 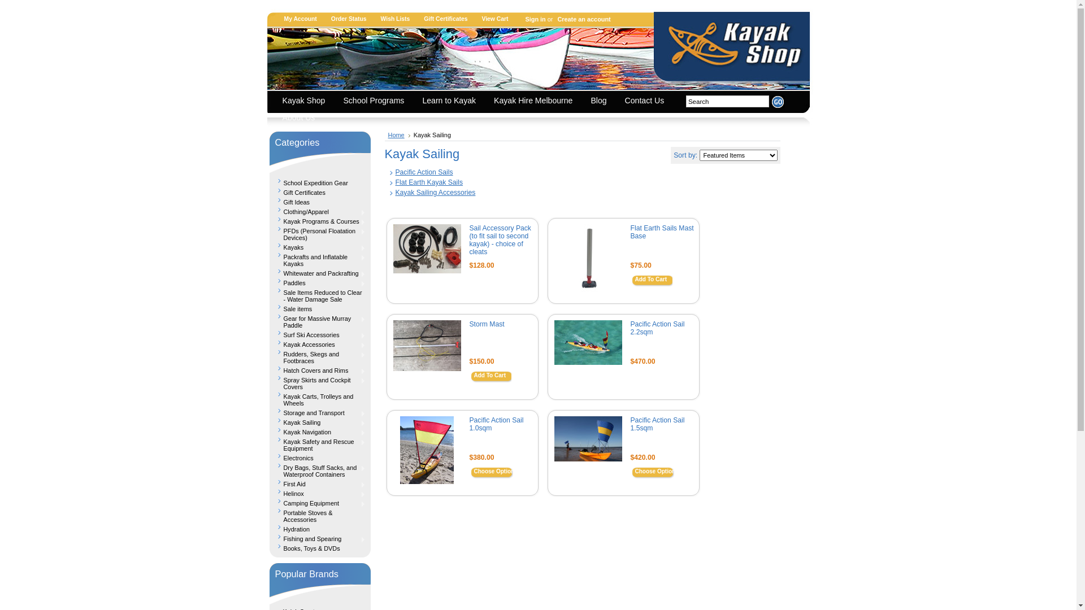 What do you see at coordinates (306, 102) in the screenshot?
I see `'Kayak Shop'` at bounding box center [306, 102].